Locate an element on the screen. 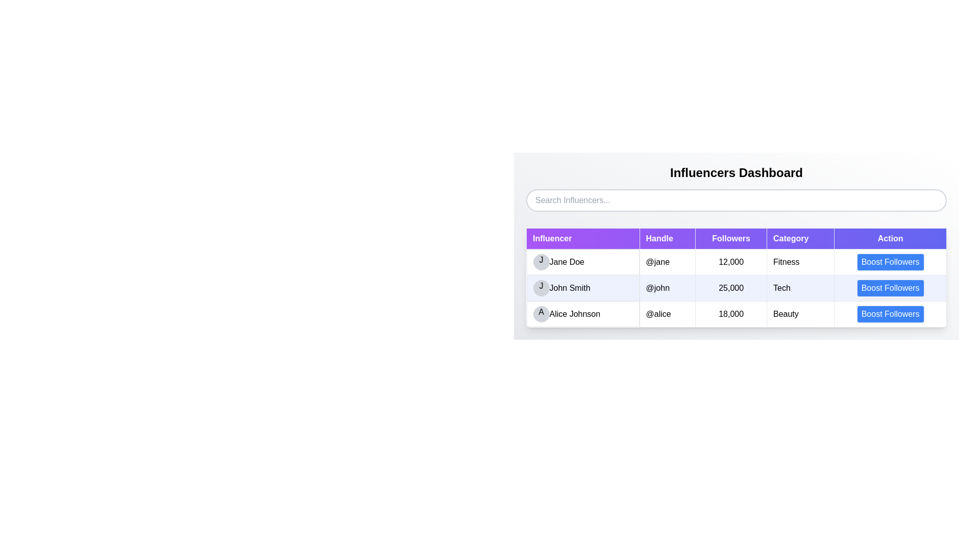 This screenshot has width=980, height=551. the Text Label element that displays 'Action', which is the fifth column header in the table, characterized by its white text on a purple background is located at coordinates (890, 238).